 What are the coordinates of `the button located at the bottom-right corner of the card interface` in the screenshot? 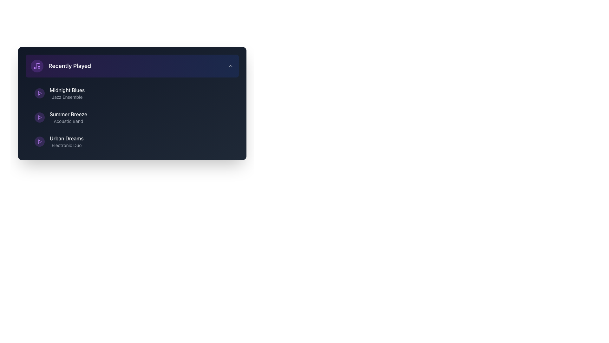 It's located at (229, 93).